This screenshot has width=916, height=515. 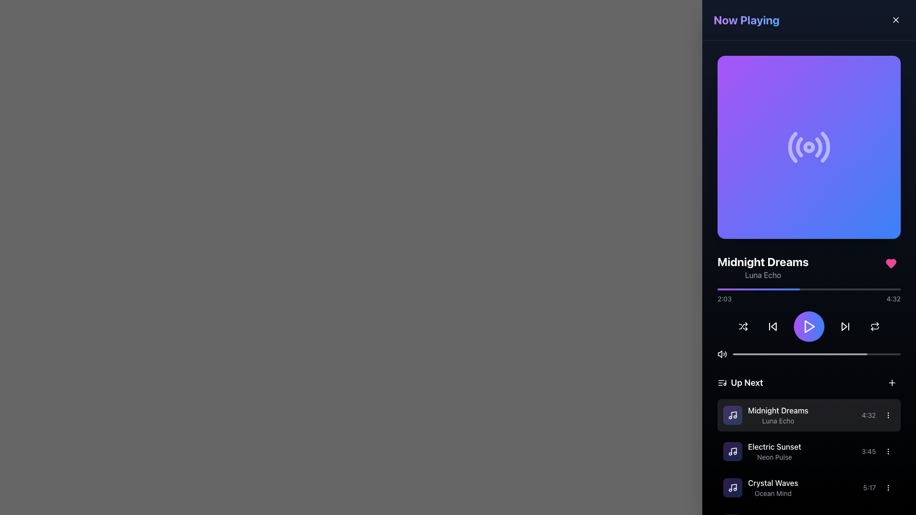 What do you see at coordinates (843, 288) in the screenshot?
I see `the playback position` at bounding box center [843, 288].